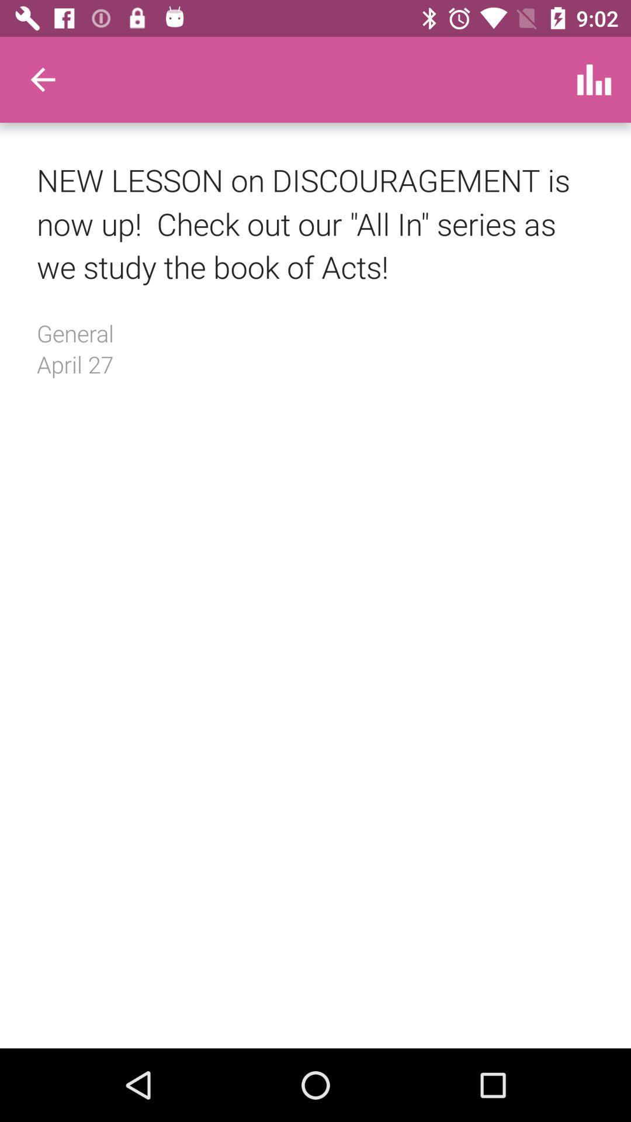  What do you see at coordinates (594, 79) in the screenshot?
I see `icon at the top right corner` at bounding box center [594, 79].